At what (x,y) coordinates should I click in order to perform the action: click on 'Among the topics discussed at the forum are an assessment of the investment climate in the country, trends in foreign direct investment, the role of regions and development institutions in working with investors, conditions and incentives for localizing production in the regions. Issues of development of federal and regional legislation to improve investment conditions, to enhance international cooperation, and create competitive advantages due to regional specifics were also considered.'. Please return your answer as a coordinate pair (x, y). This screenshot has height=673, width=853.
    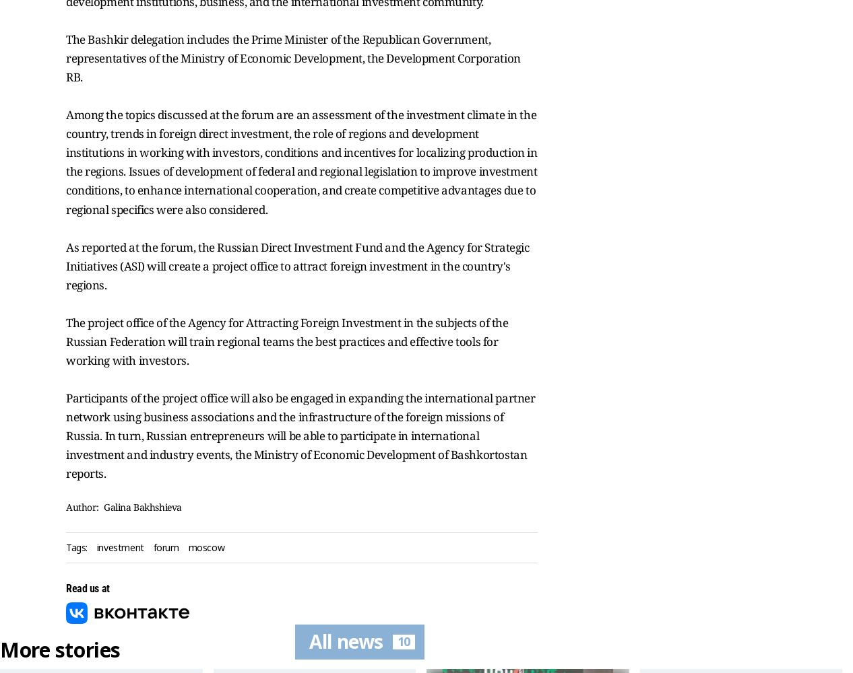
    Looking at the image, I should click on (301, 161).